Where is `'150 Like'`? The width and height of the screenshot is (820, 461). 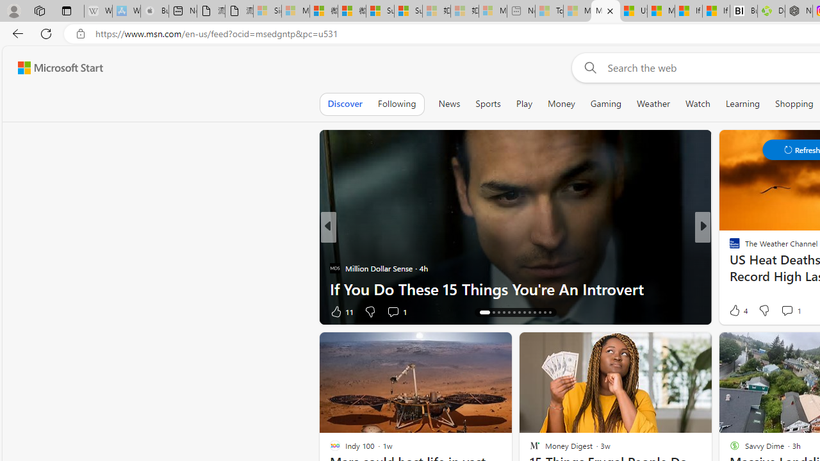 '150 Like' is located at coordinates (738, 311).